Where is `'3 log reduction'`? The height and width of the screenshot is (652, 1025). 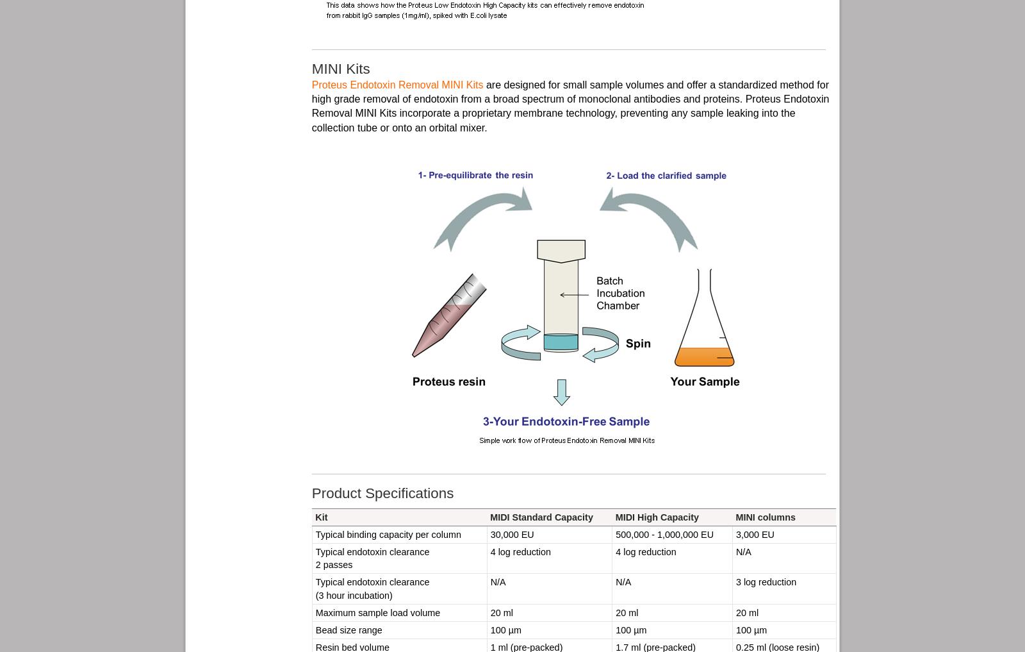
'3 log reduction' is located at coordinates (766, 581).